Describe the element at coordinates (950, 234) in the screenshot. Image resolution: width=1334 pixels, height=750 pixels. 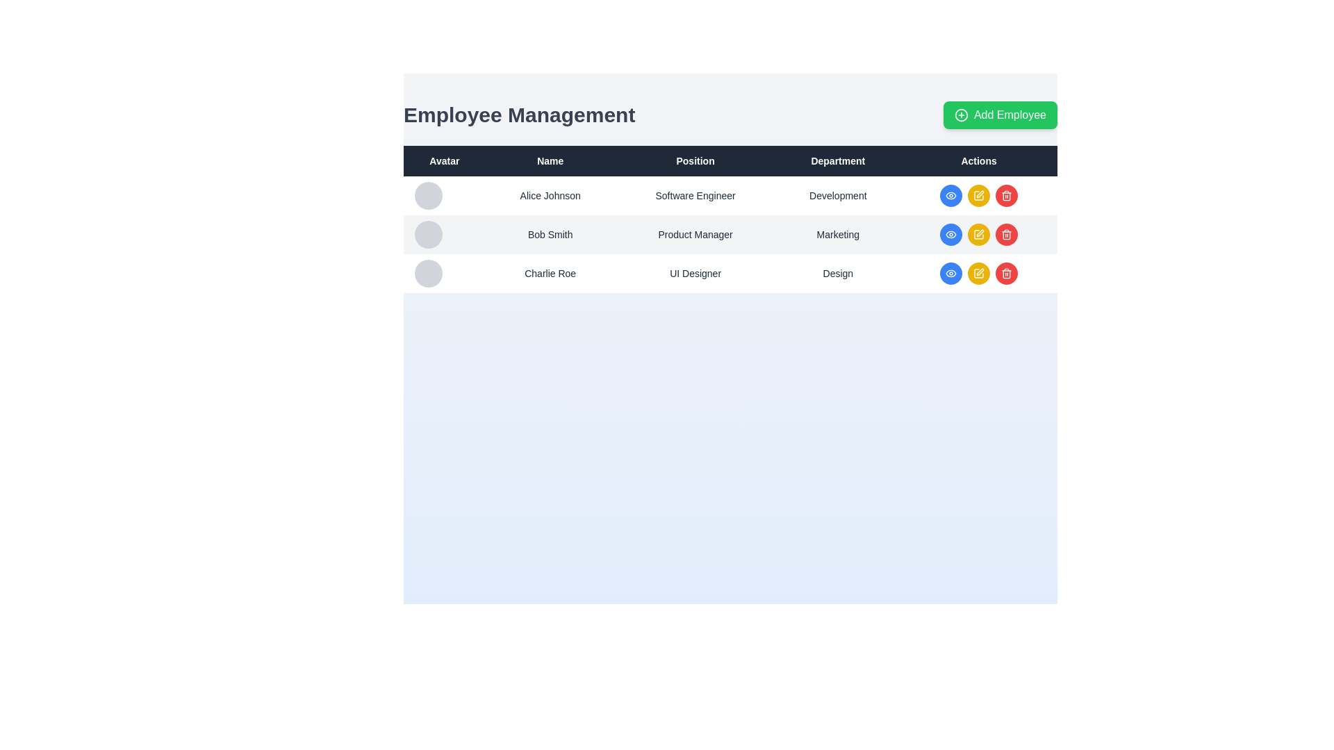
I see `the circular blue button with a white eye icon` at that location.